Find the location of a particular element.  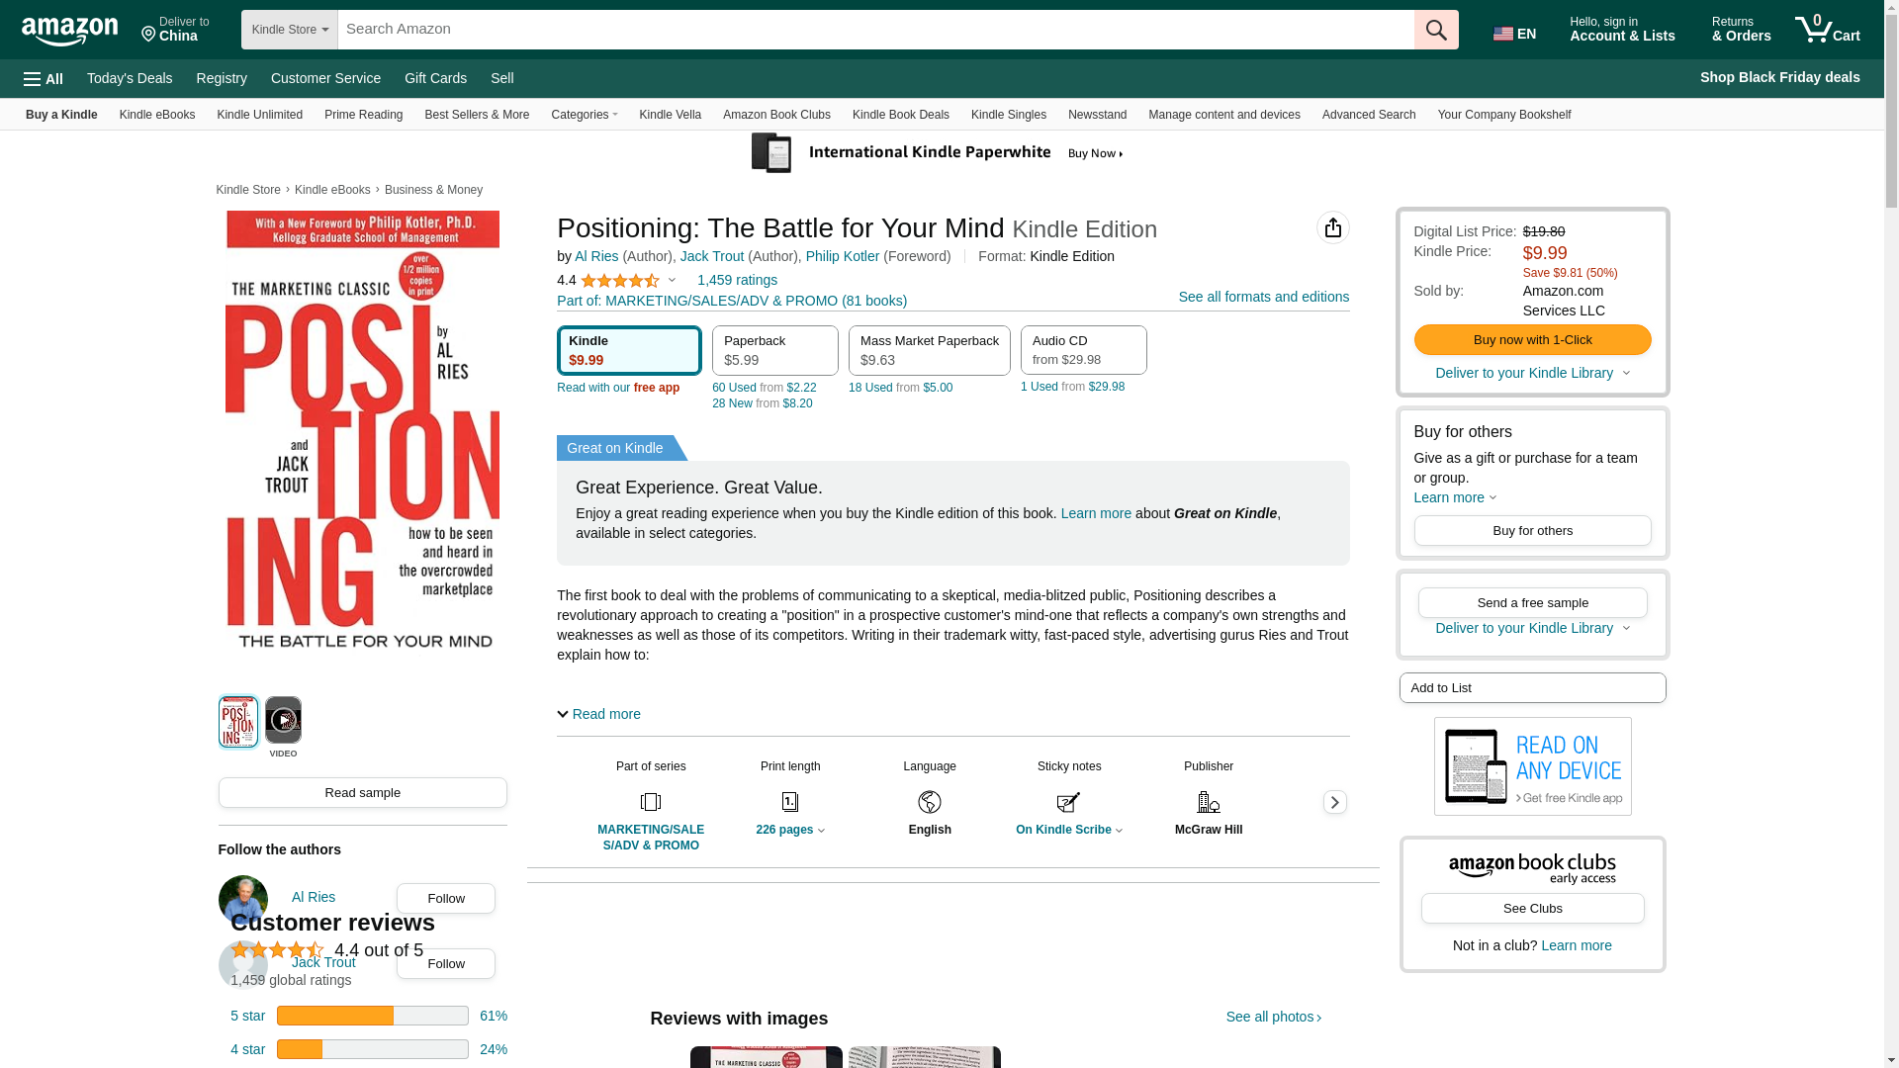

'Kindle Vella' is located at coordinates (671, 114).